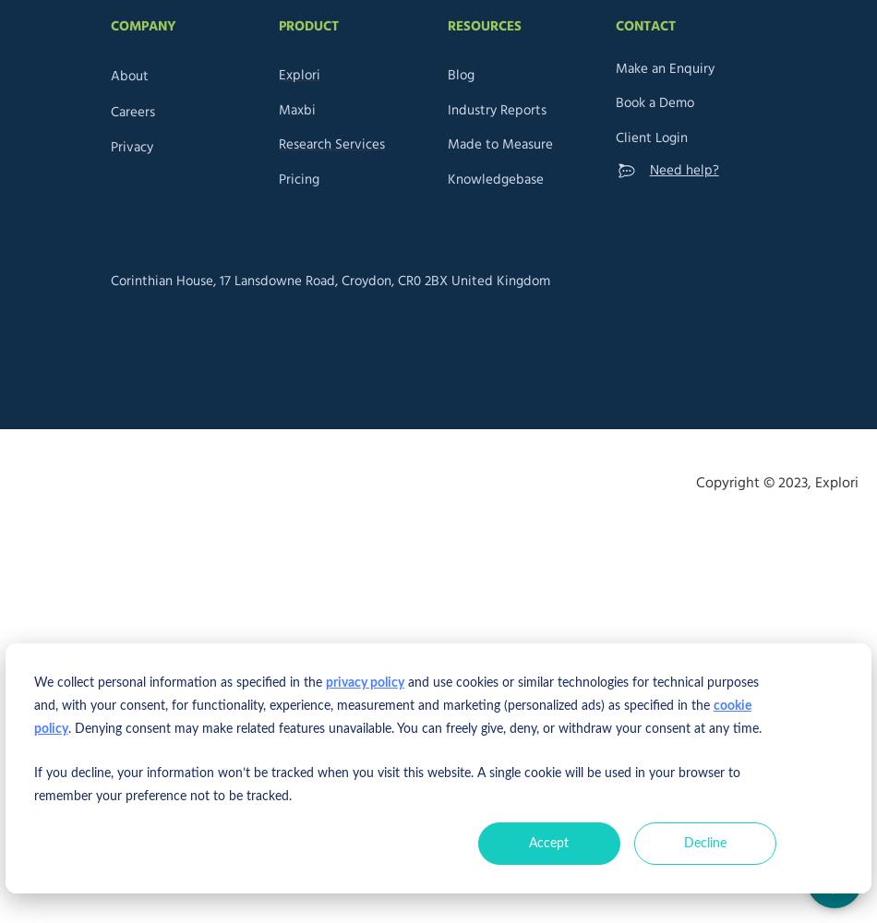 The height and width of the screenshot is (923, 877). What do you see at coordinates (447, 26) in the screenshot?
I see `'RESOURCES'` at bounding box center [447, 26].